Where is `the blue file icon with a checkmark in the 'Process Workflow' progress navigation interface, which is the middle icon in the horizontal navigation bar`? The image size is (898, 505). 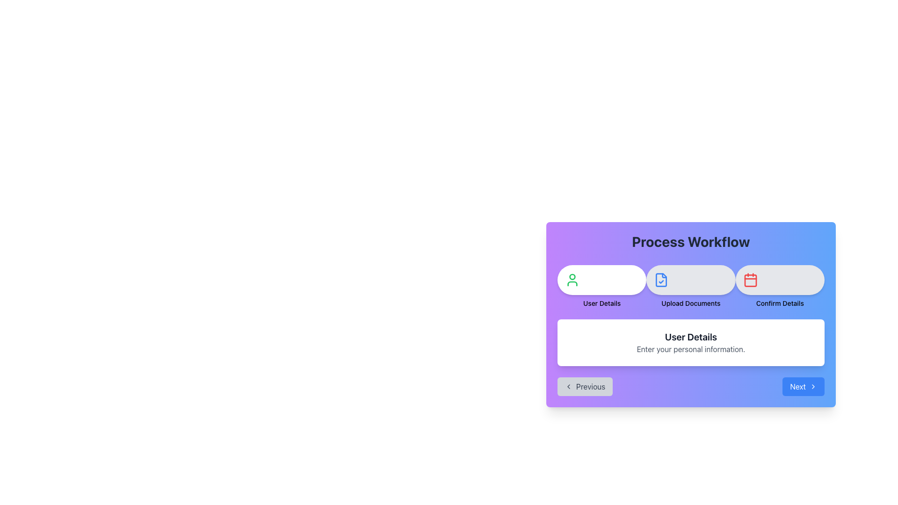 the blue file icon with a checkmark in the 'Process Workflow' progress navigation interface, which is the middle icon in the horizontal navigation bar is located at coordinates (661, 279).